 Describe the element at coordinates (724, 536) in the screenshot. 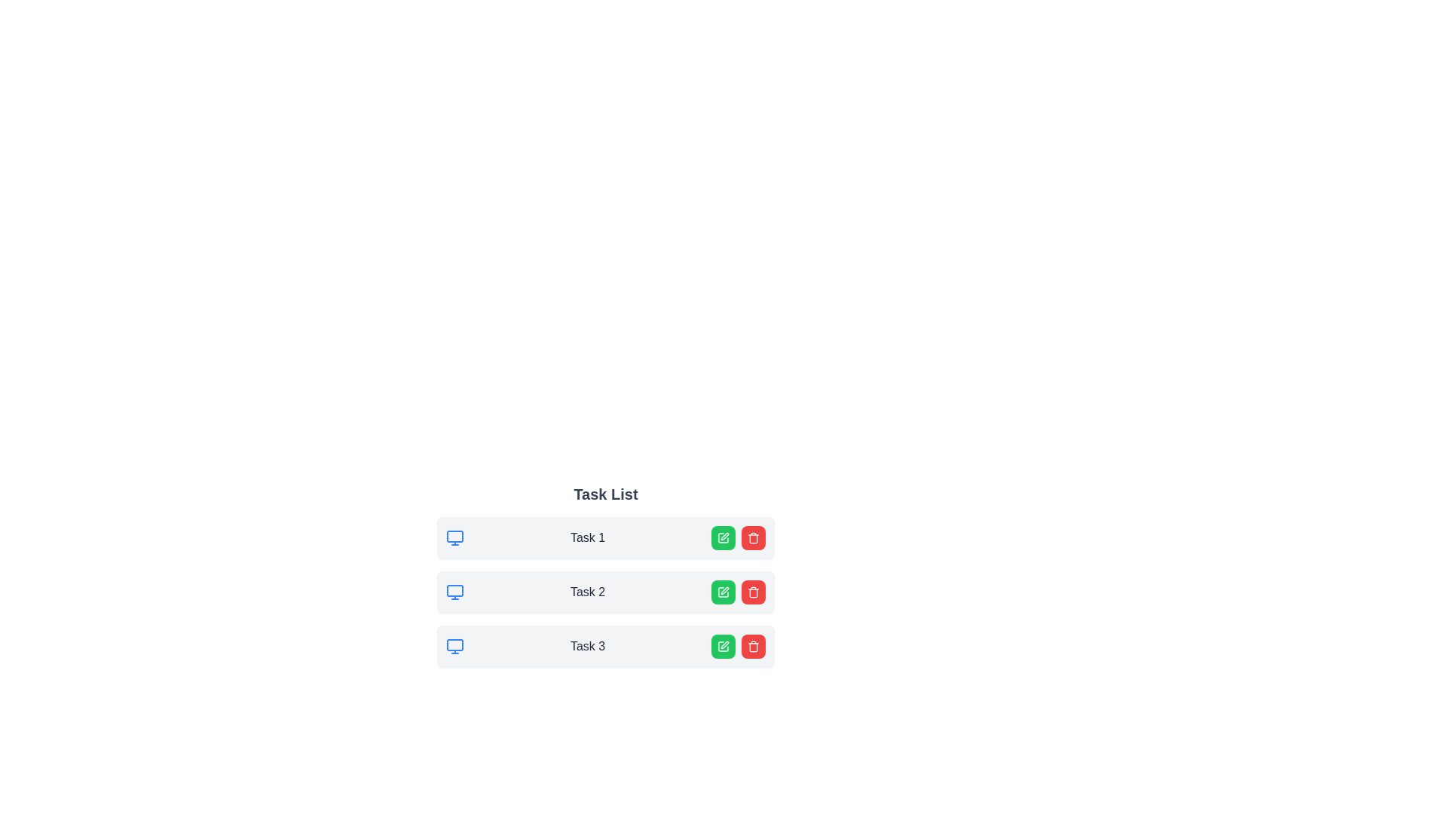

I see `the stylized pen icon button located at the far right of the first row in the task list interface, adjacent to the delete icon and aligned with 'Task 1'` at that location.